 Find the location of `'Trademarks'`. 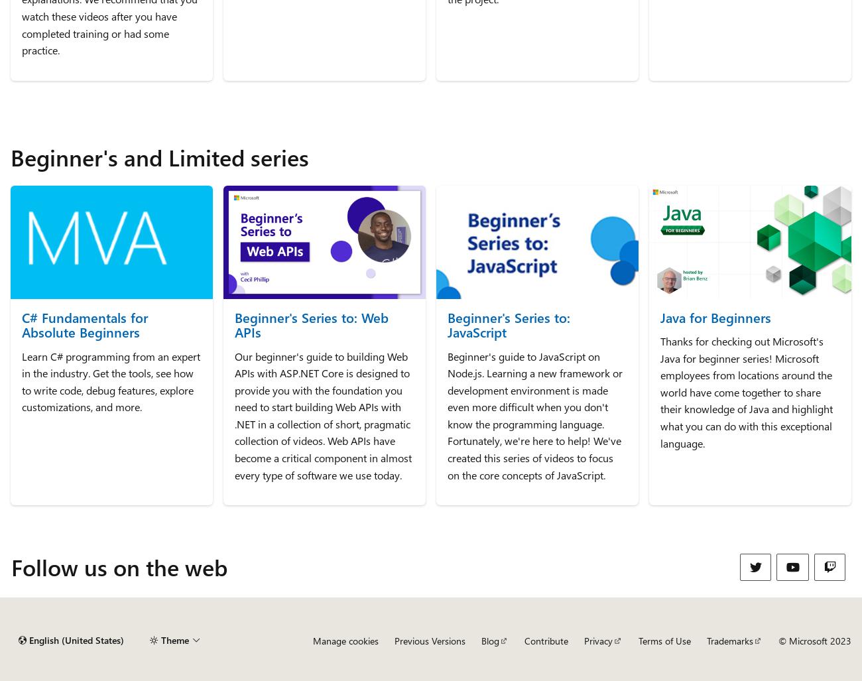

'Trademarks' is located at coordinates (729, 640).